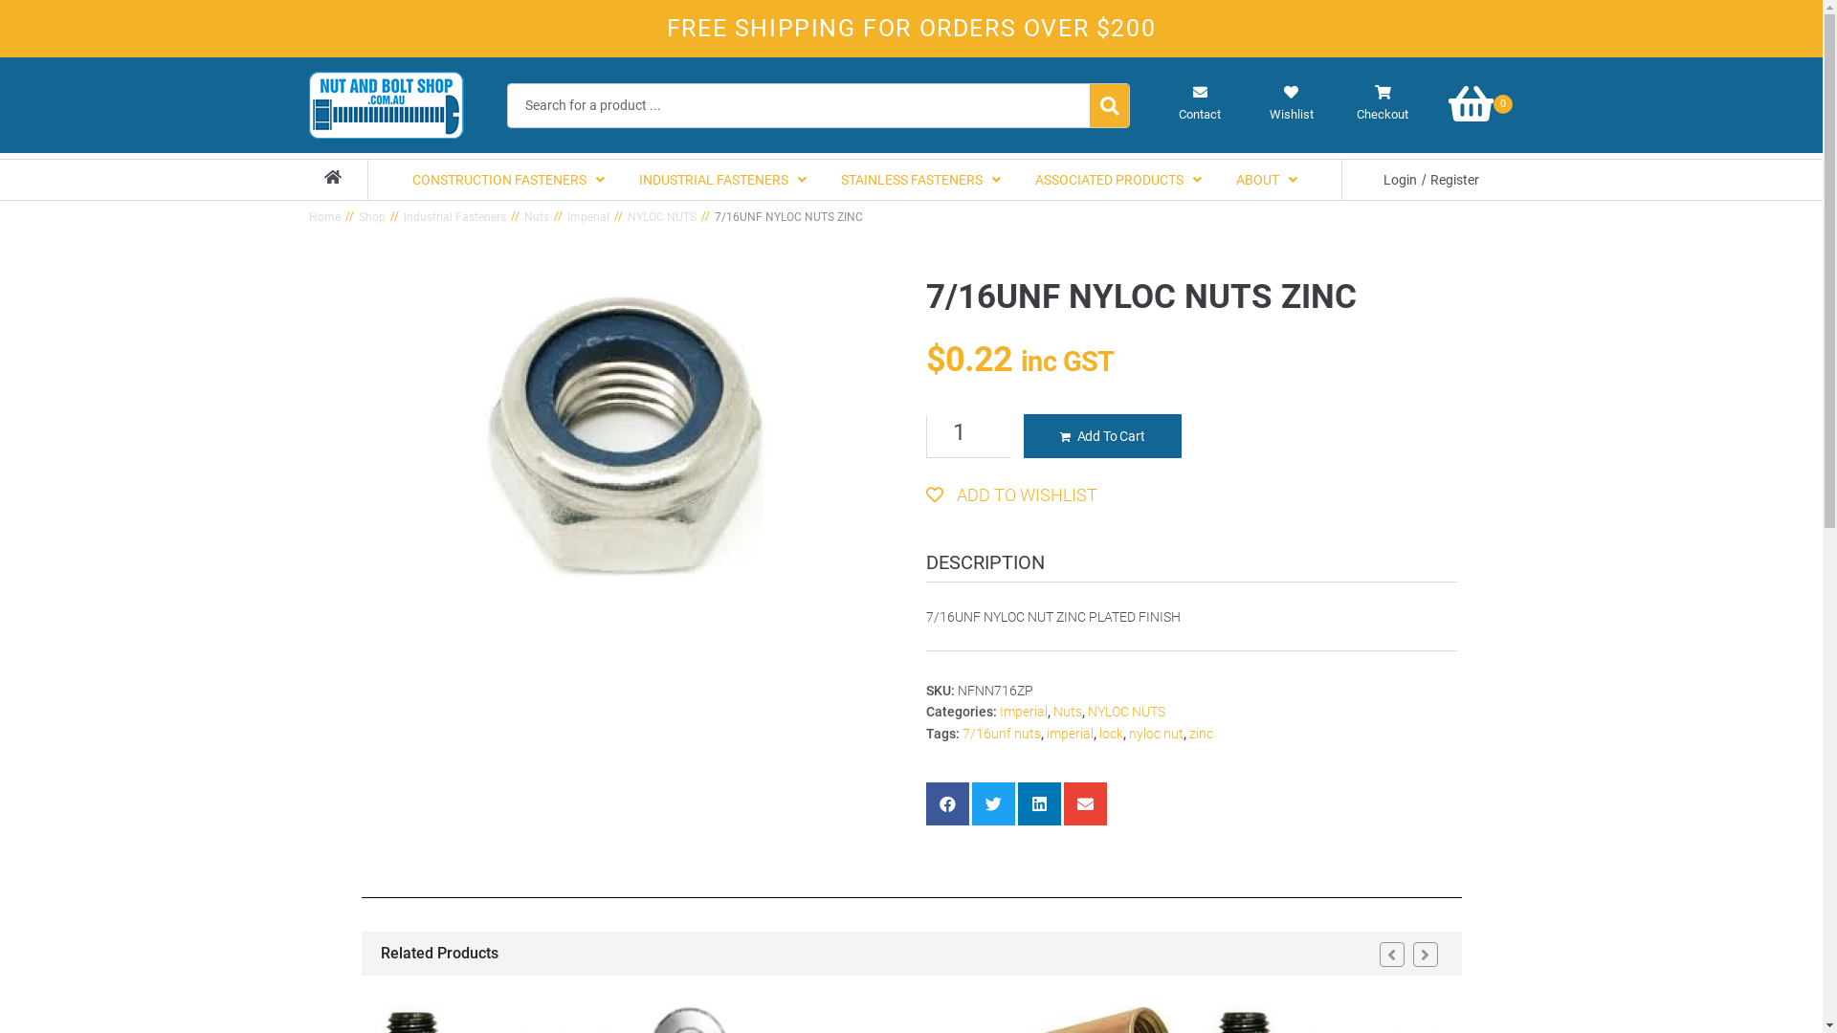 The image size is (1837, 1033). I want to click on 'zinc', so click(1199, 733).